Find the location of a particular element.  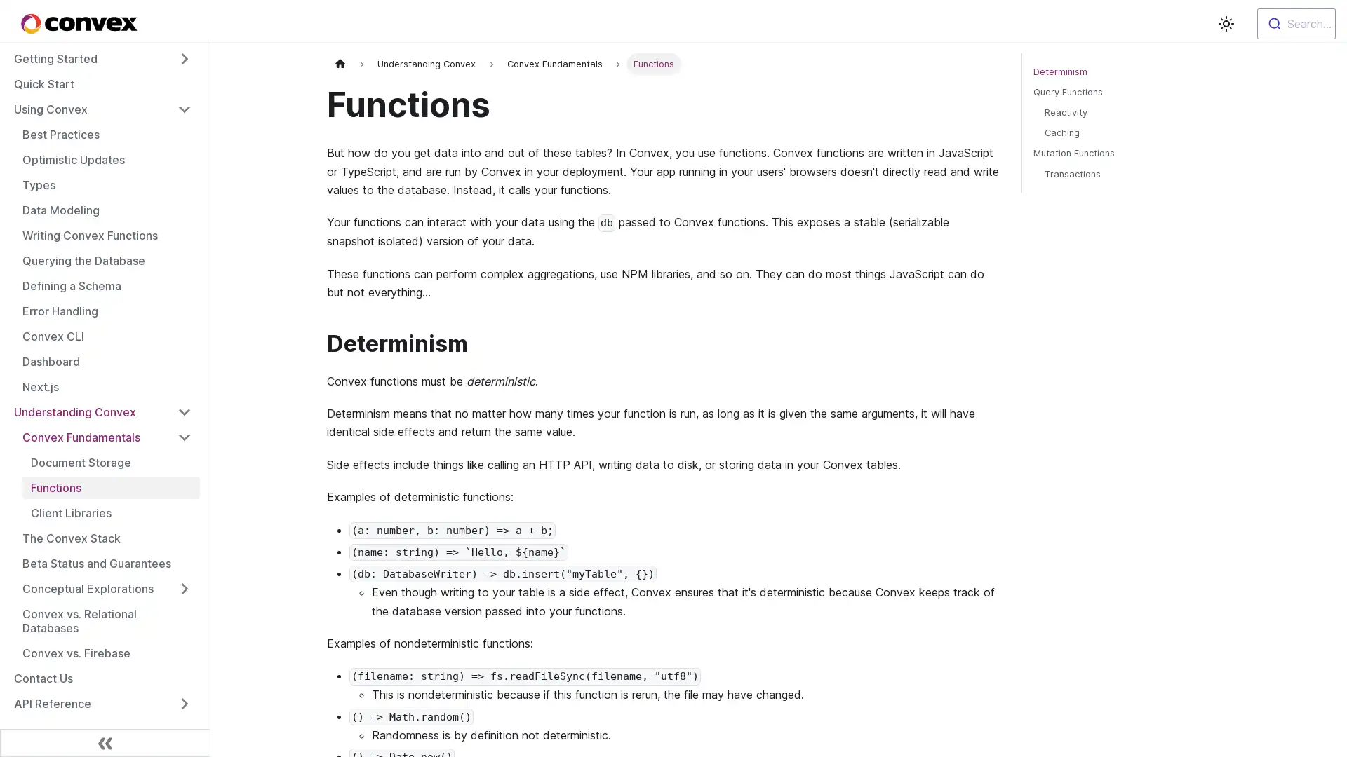

Search... is located at coordinates (1296, 24).